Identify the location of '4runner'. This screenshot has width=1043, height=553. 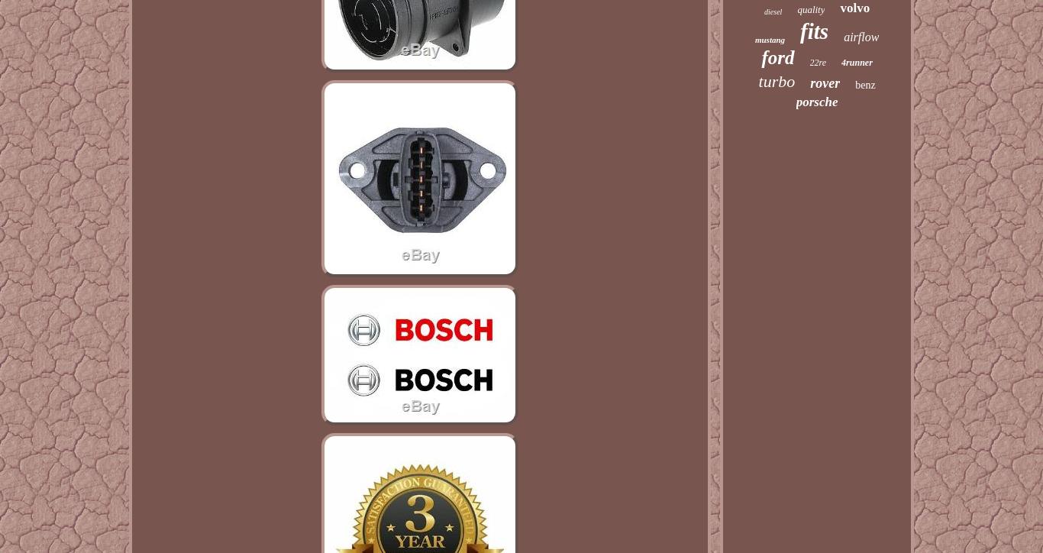
(856, 63).